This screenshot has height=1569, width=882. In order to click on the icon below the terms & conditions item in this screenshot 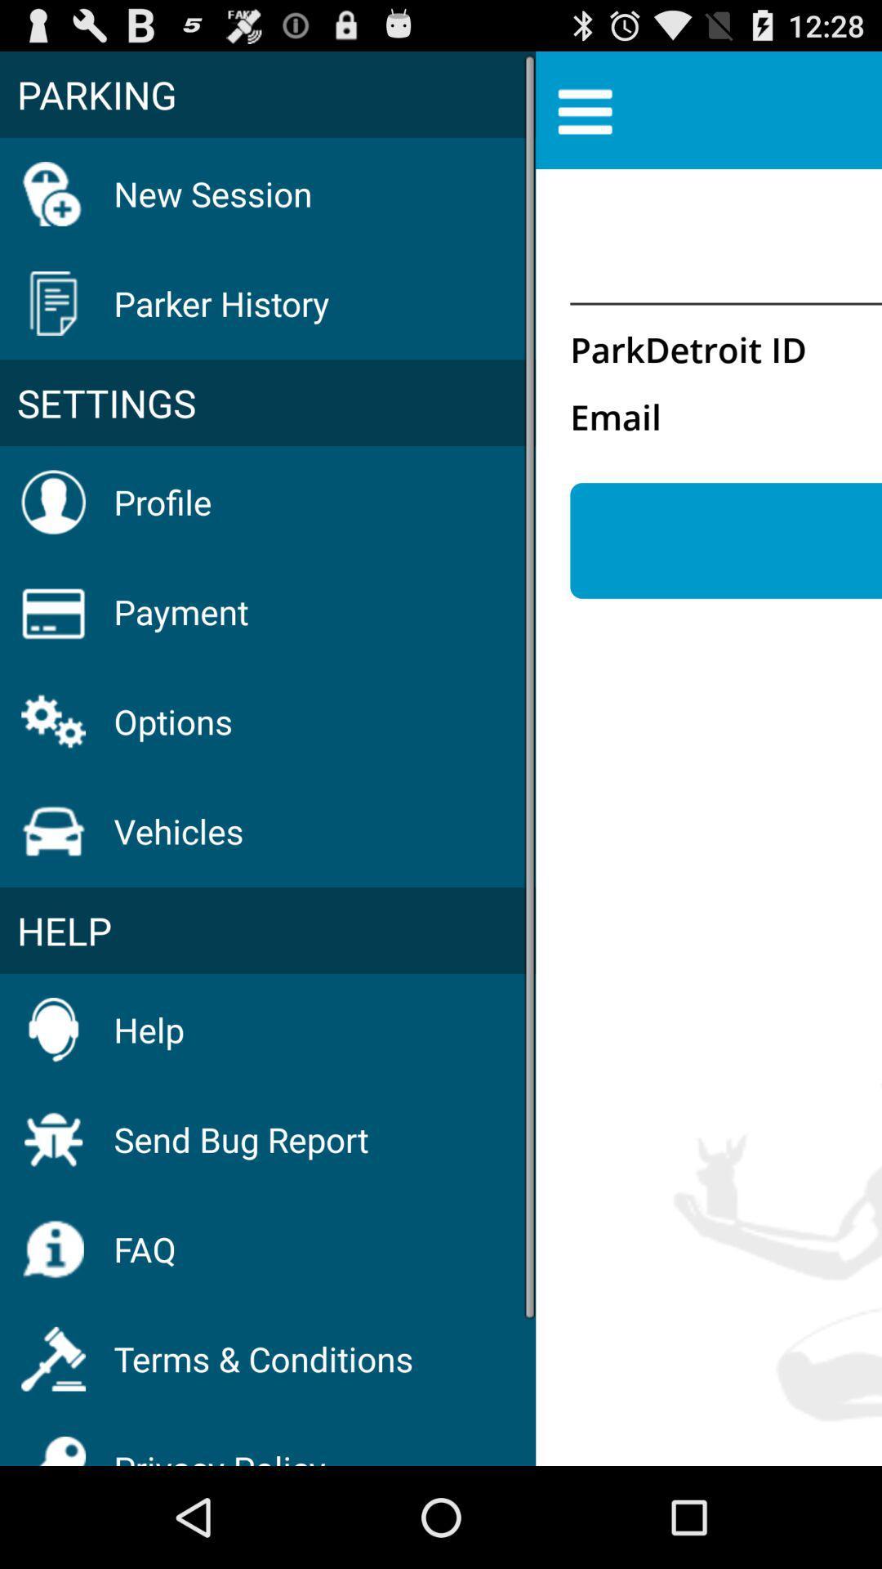, I will do `click(219, 1446)`.